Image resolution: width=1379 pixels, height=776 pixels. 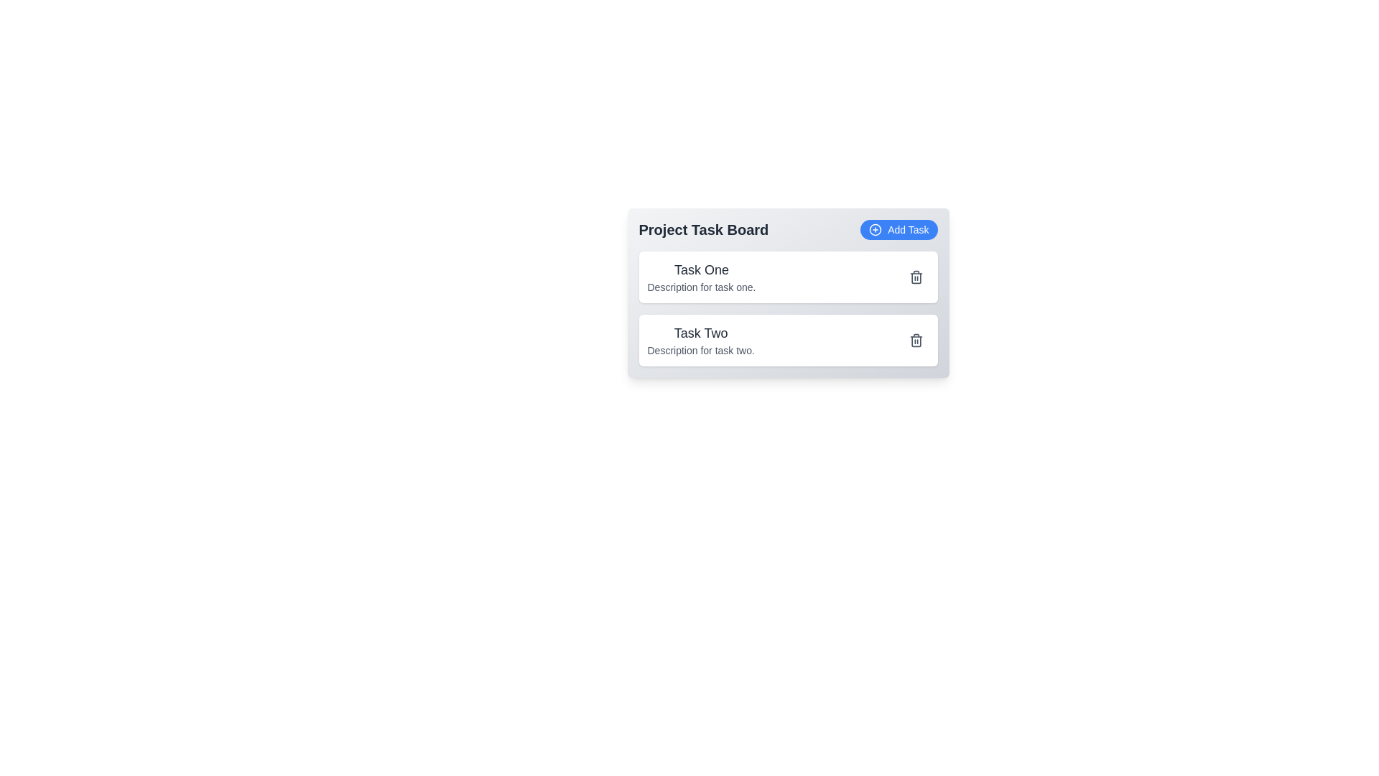 What do you see at coordinates (703, 229) in the screenshot?
I see `the text element displaying the title 'Project Task Board', which is styled in a large and bold dark-gray font, located in the upper-left part of the task board interface` at bounding box center [703, 229].